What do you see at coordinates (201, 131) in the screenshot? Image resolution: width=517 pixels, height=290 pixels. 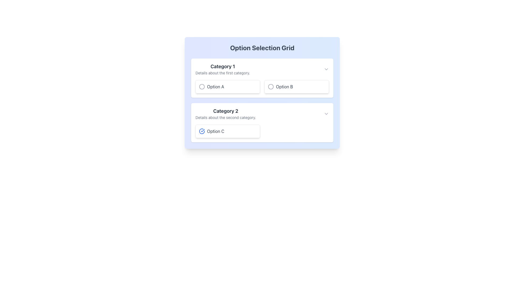 I see `the selection status icon indicating that 'Option C' is selected, located inside the 'Option C' block in the Category 2 section, to the left of the text label 'Option C'` at bounding box center [201, 131].